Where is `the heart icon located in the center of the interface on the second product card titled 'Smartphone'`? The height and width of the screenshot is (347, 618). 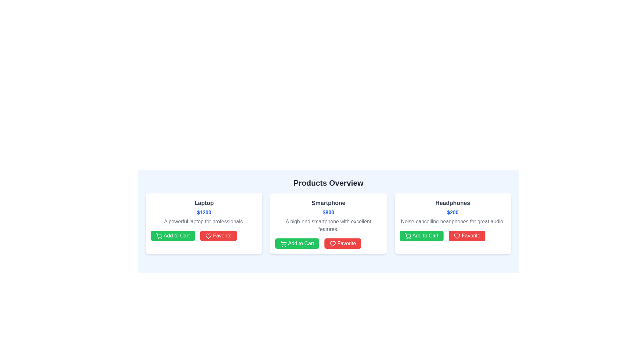
the heart icon located in the center of the interface on the second product card titled 'Smartphone' is located at coordinates (332, 244).